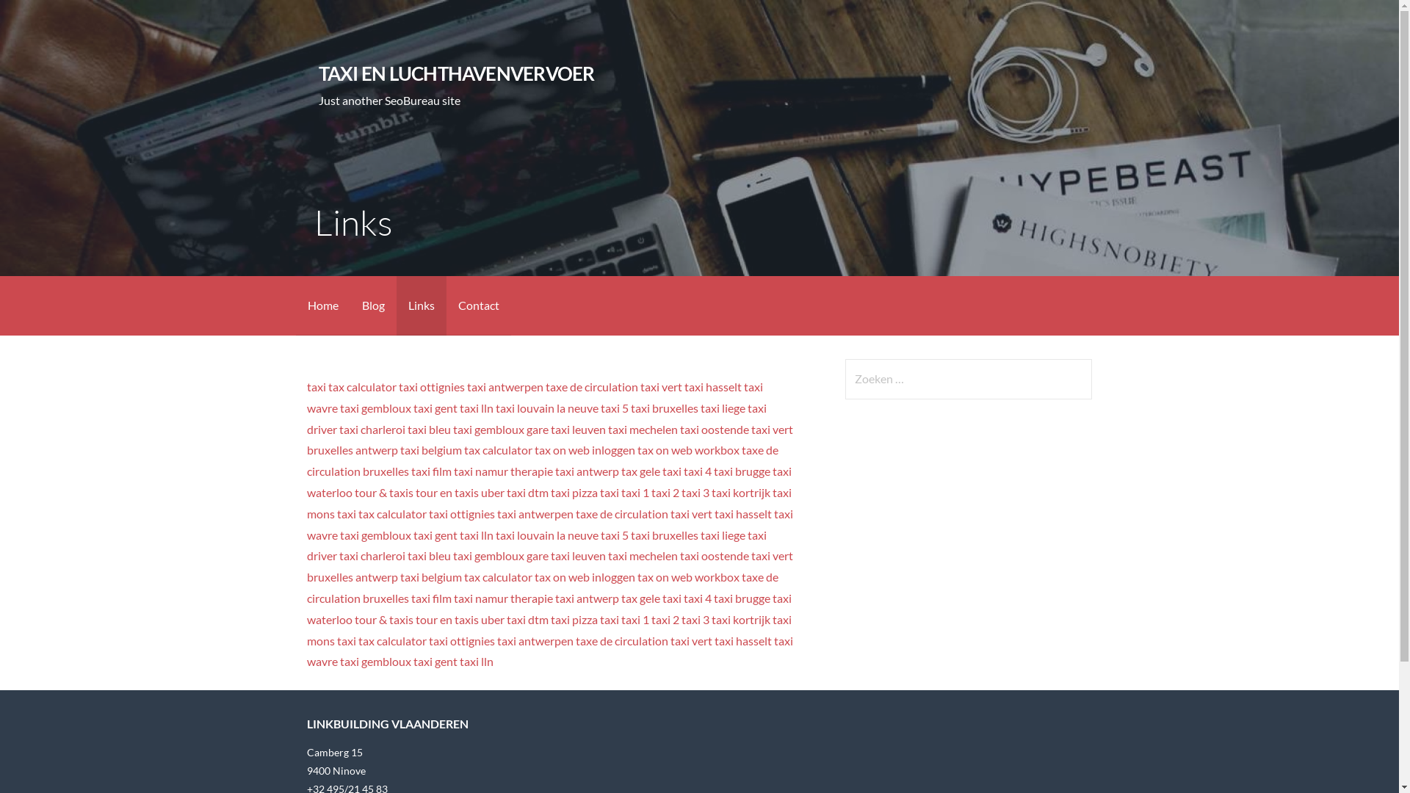 This screenshot has width=1410, height=793. I want to click on 'taxi oostende', so click(679, 555).